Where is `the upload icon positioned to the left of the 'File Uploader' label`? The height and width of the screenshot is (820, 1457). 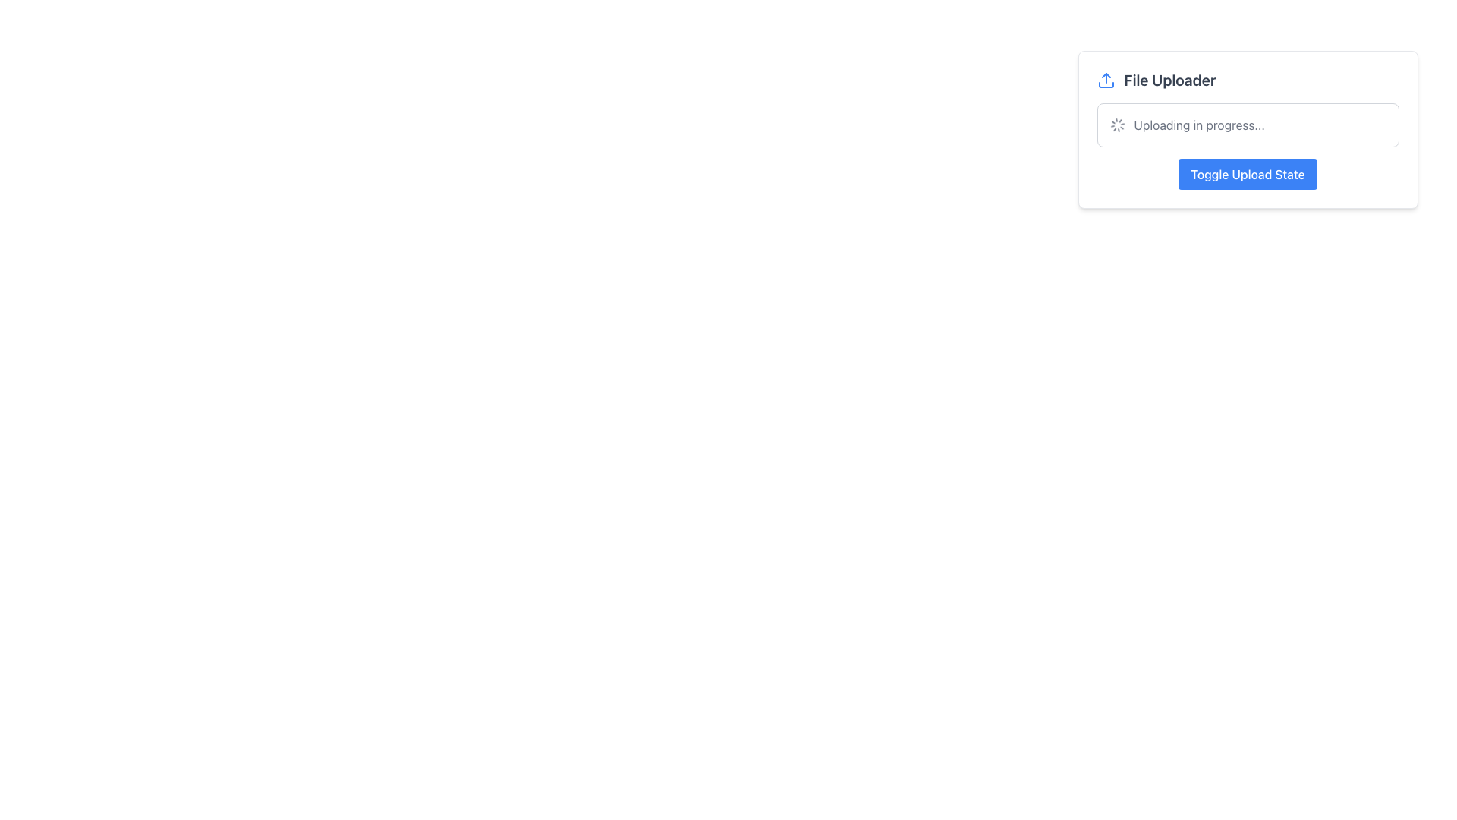 the upload icon positioned to the left of the 'File Uploader' label is located at coordinates (1106, 80).